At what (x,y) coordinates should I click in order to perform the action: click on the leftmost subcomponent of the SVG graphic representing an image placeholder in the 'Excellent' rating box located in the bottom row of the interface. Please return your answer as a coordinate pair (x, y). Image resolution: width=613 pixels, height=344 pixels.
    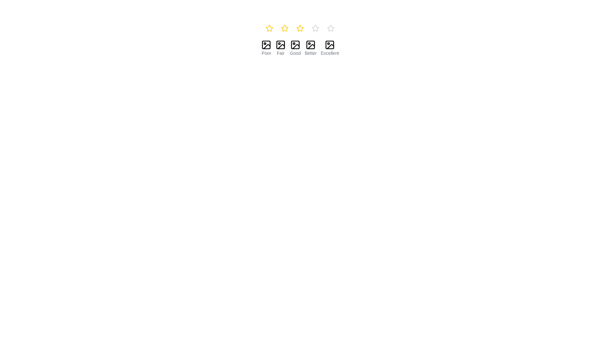
    Looking at the image, I should click on (330, 45).